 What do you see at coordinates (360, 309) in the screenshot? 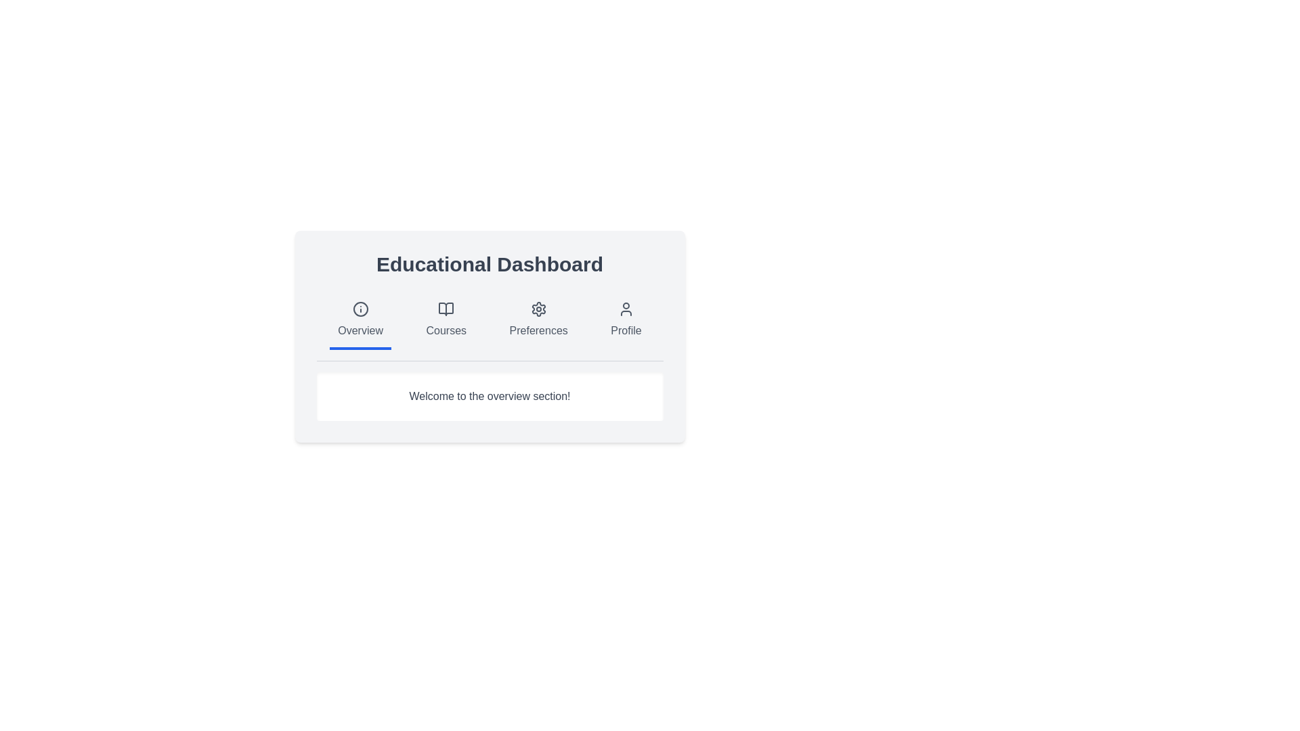
I see `the information icon, which is a circular SVG element with a thick outline and inner graphical details, located above the 'Overview' text in the dashboard header` at bounding box center [360, 309].